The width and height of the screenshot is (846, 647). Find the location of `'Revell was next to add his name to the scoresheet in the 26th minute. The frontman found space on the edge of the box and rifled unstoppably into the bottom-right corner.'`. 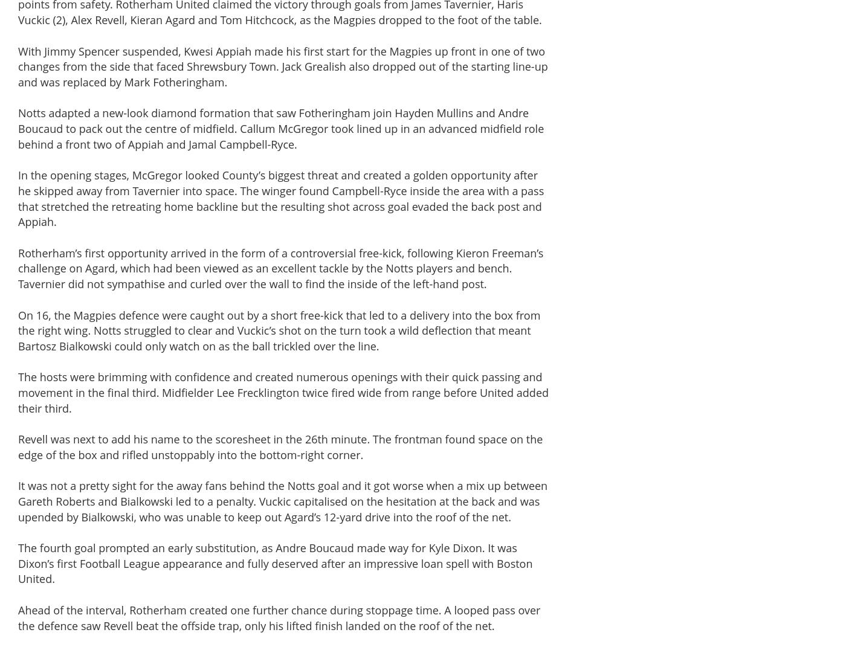

'Revell was next to add his name to the scoresheet in the 26th minute. The frontman found space on the edge of the box and rifled unstoppably into the bottom-right corner.' is located at coordinates (280, 446).